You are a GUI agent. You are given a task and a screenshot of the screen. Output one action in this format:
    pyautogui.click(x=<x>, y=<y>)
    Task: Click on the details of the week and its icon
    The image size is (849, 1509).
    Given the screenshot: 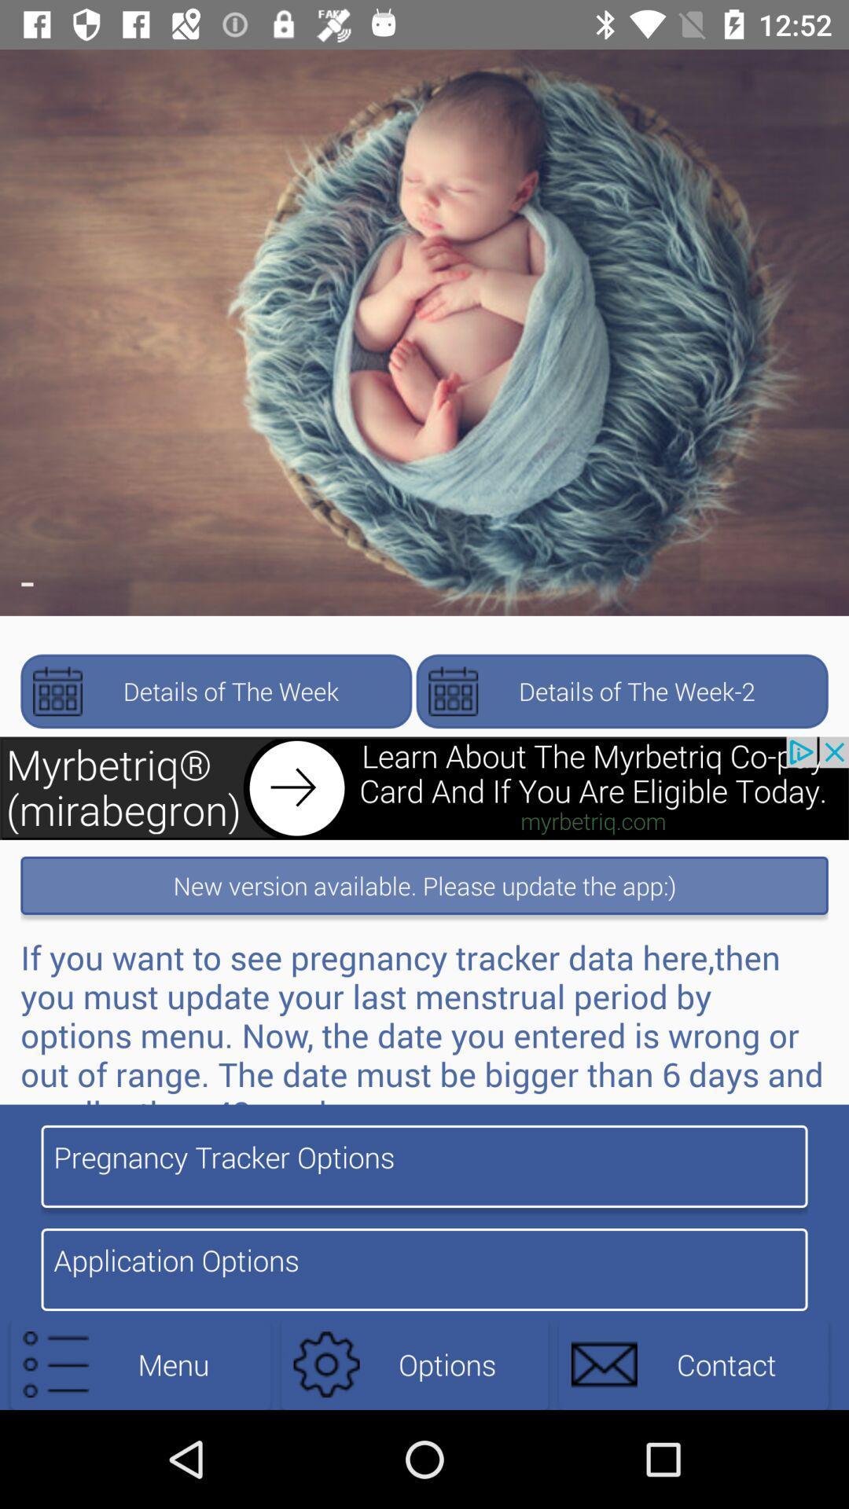 What is the action you would take?
    pyautogui.click(x=215, y=691)
    